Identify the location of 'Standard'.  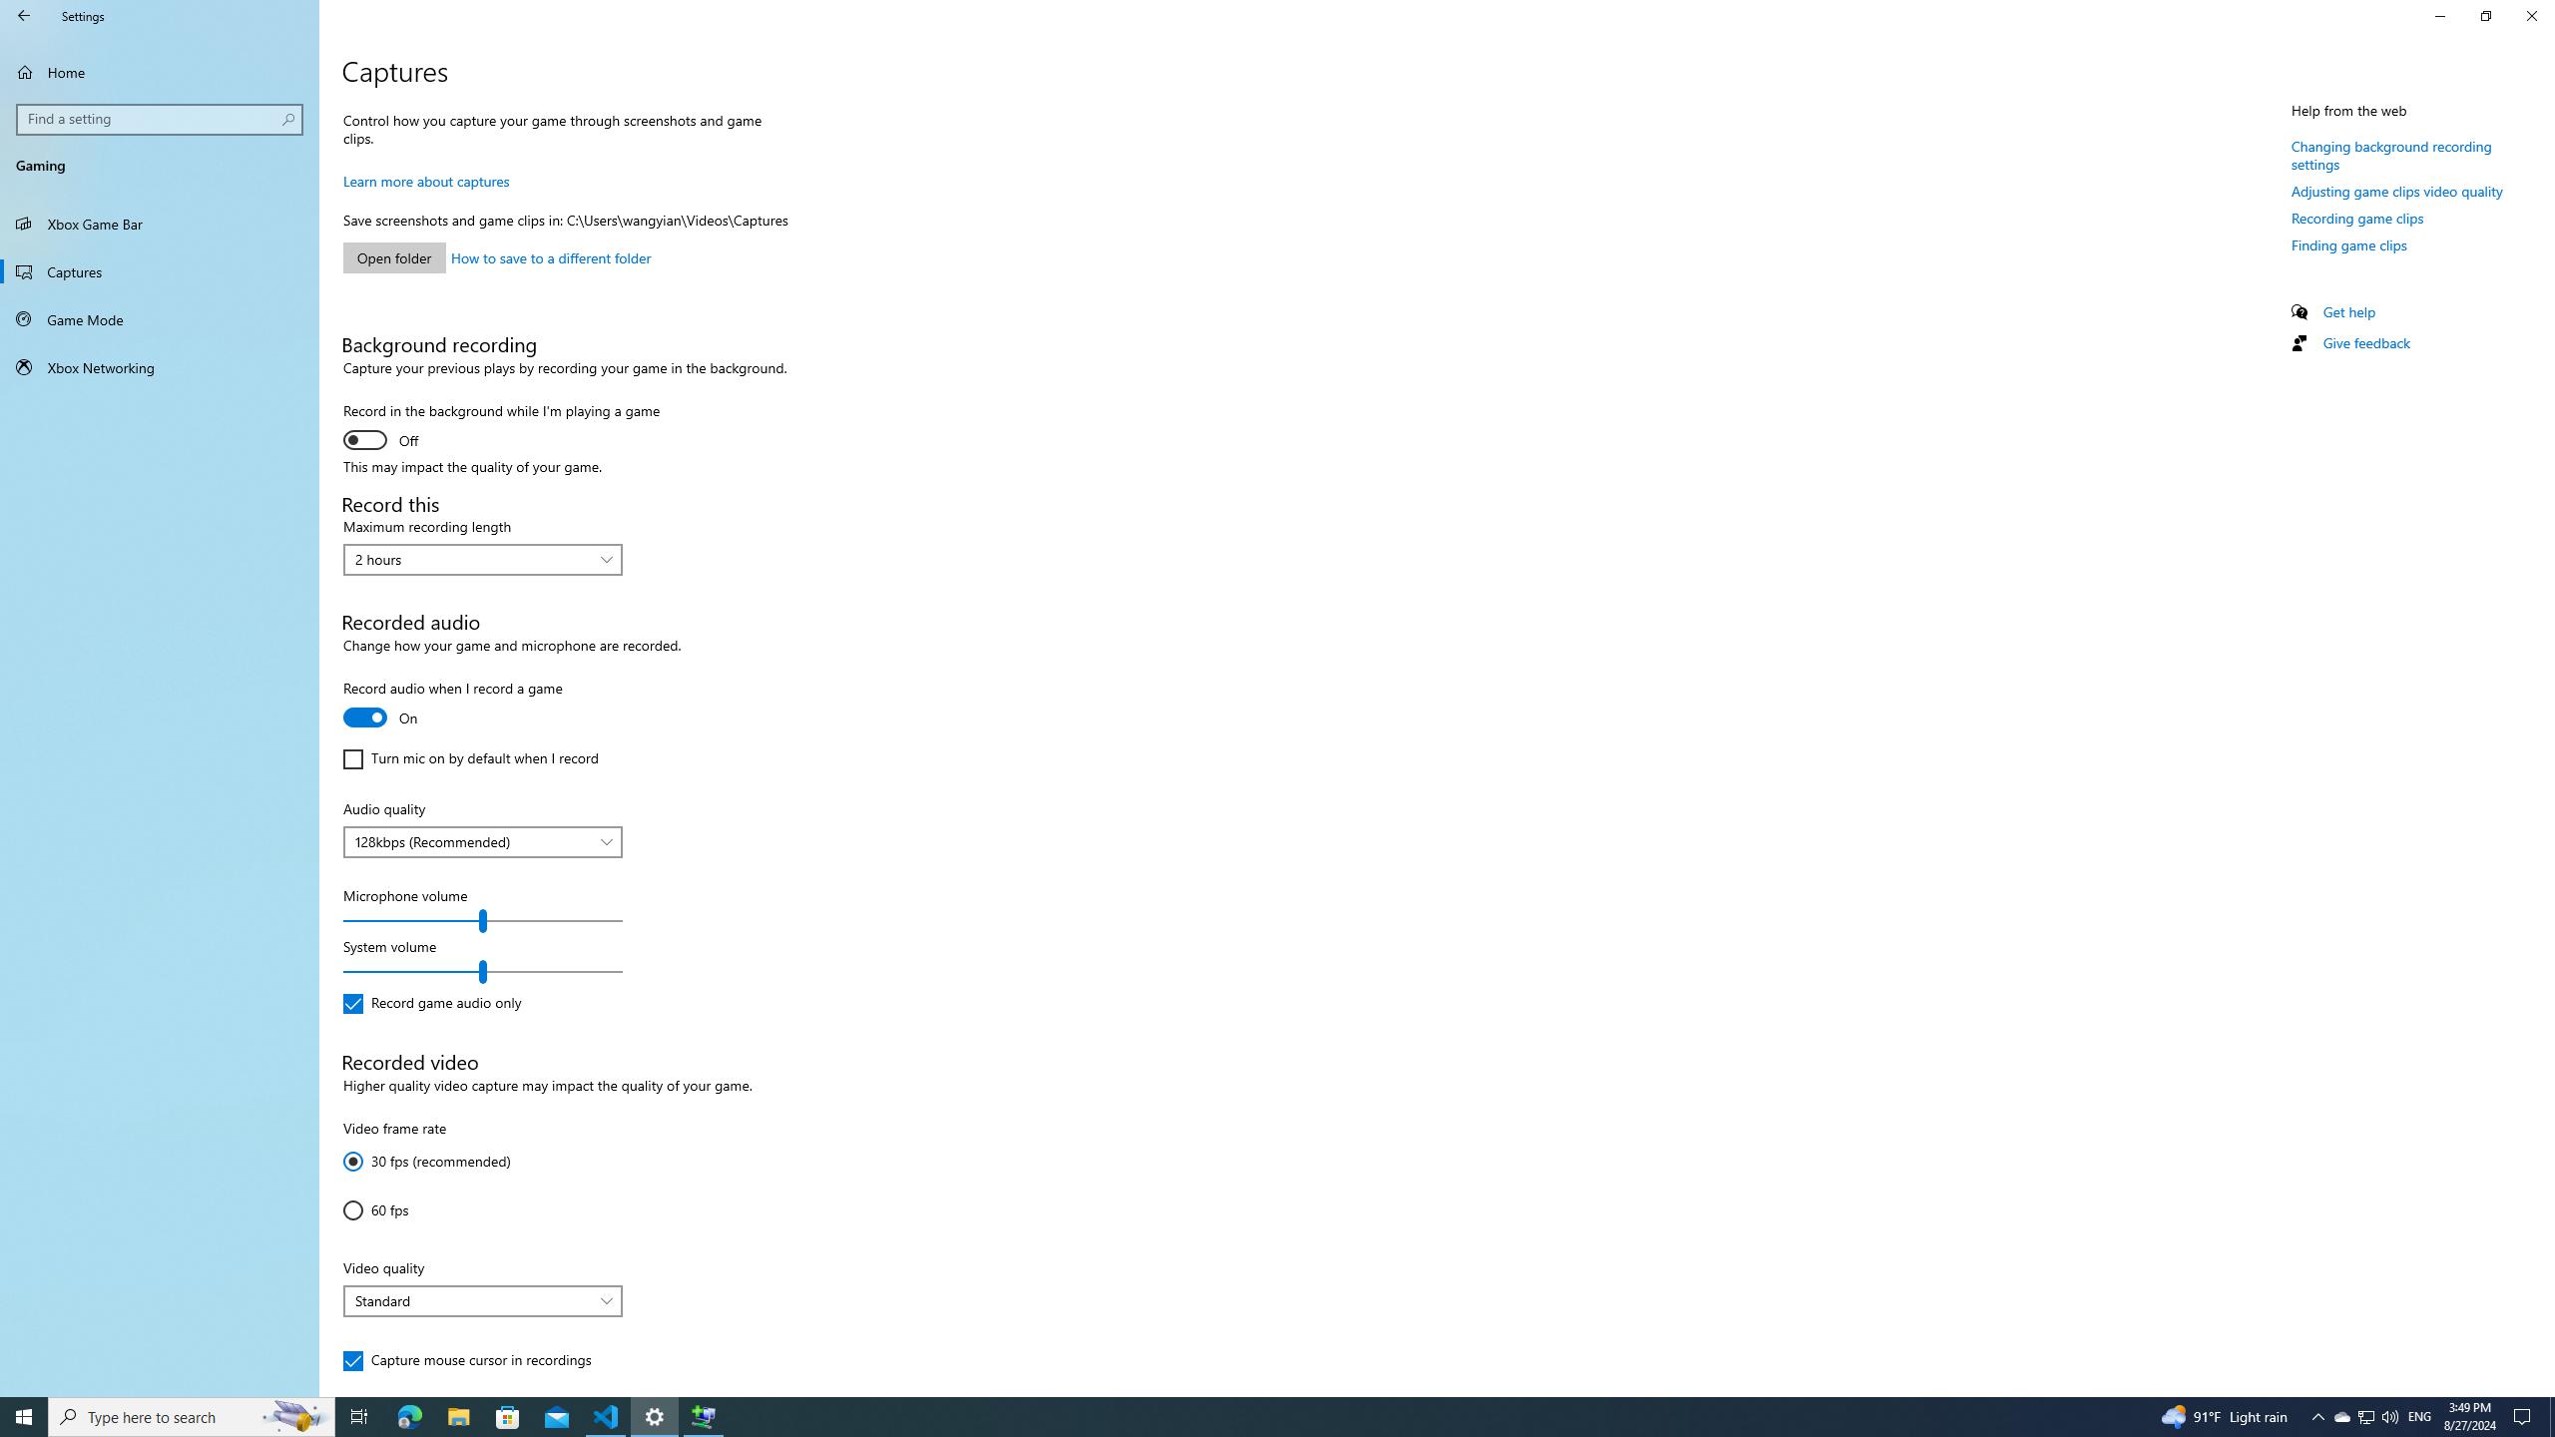
(471, 1299).